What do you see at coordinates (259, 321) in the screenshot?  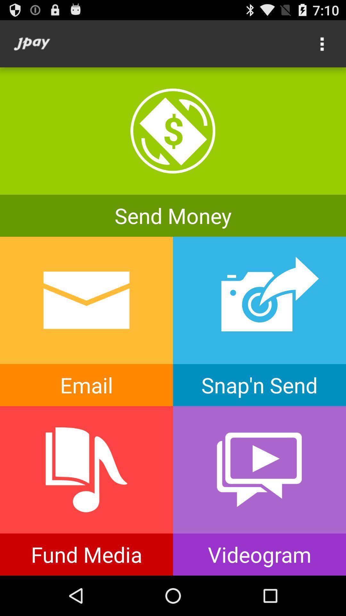 I see `snap n send` at bounding box center [259, 321].